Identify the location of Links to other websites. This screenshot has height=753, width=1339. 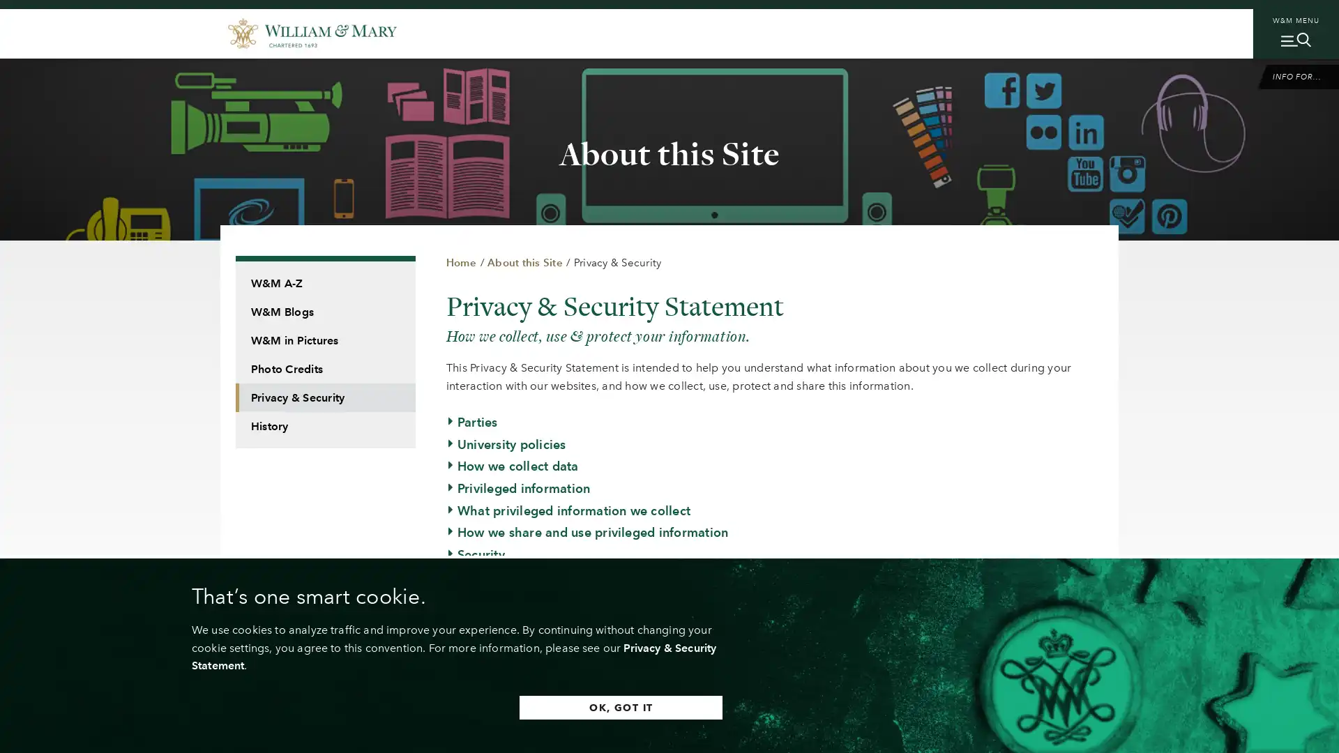
(519, 576).